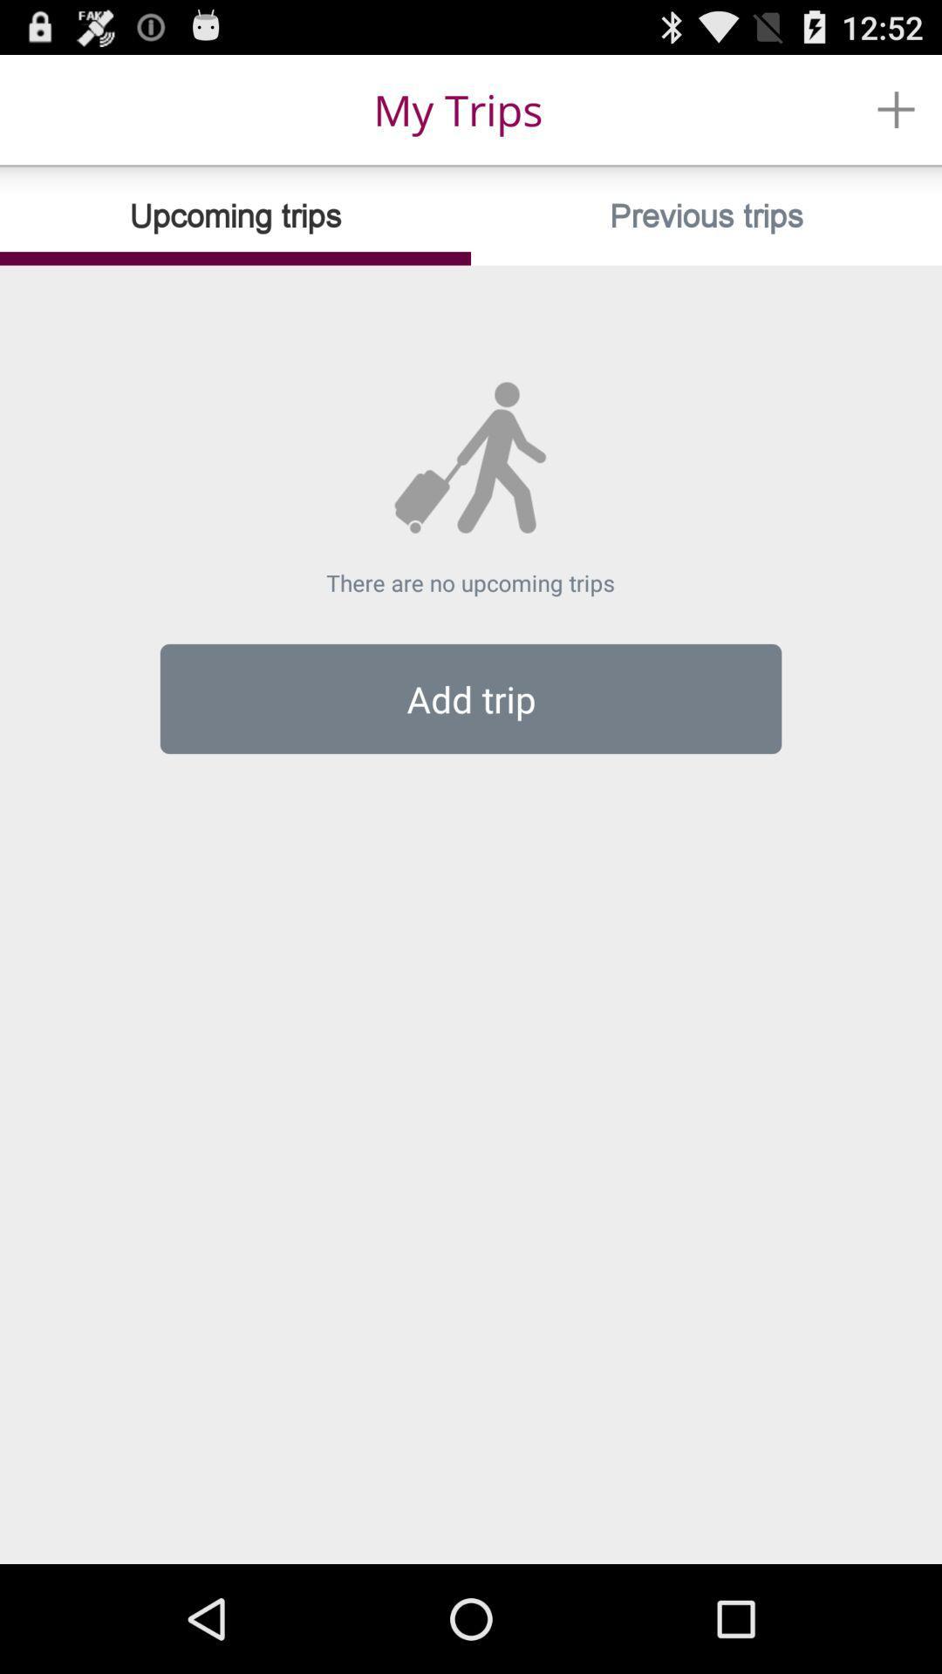 This screenshot has width=942, height=1674. Describe the element at coordinates (706, 215) in the screenshot. I see `item next to the upcoming trips icon` at that location.